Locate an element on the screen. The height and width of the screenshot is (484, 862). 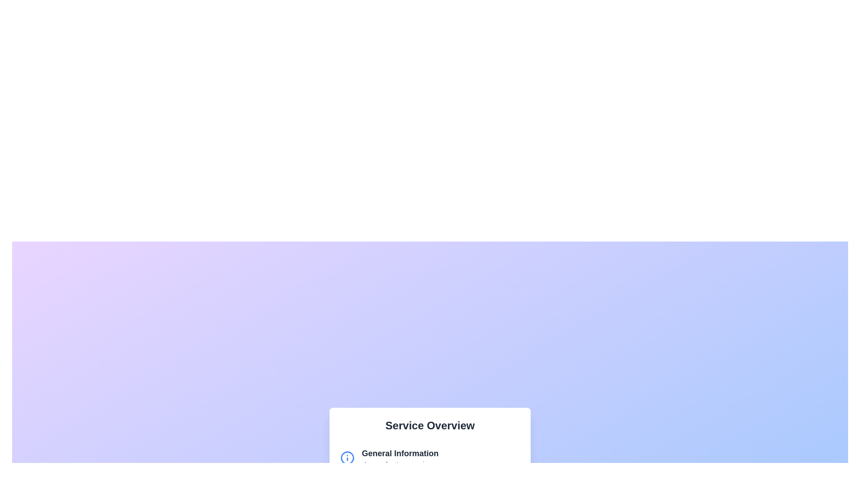
the 'General Information' section is located at coordinates (430, 458).